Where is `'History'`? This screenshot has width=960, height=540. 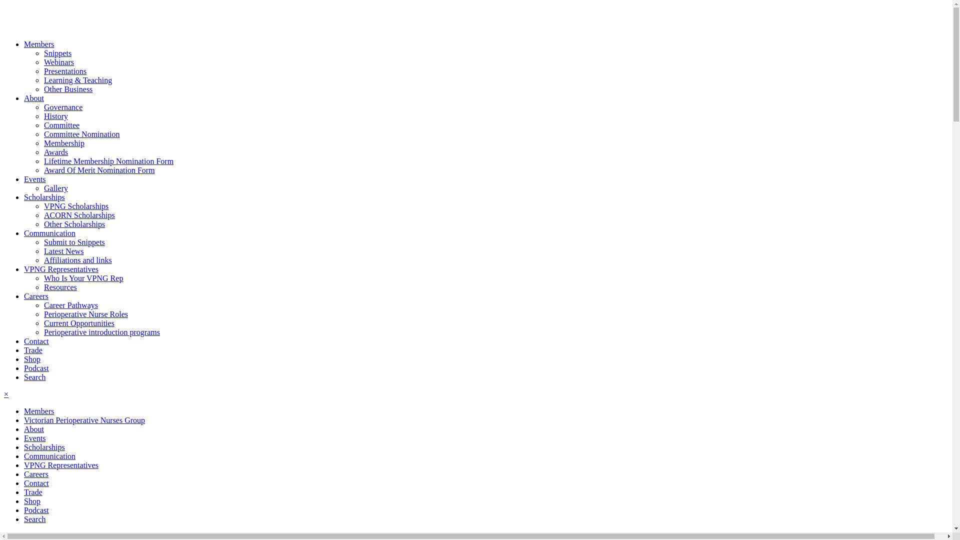
'History' is located at coordinates (55, 115).